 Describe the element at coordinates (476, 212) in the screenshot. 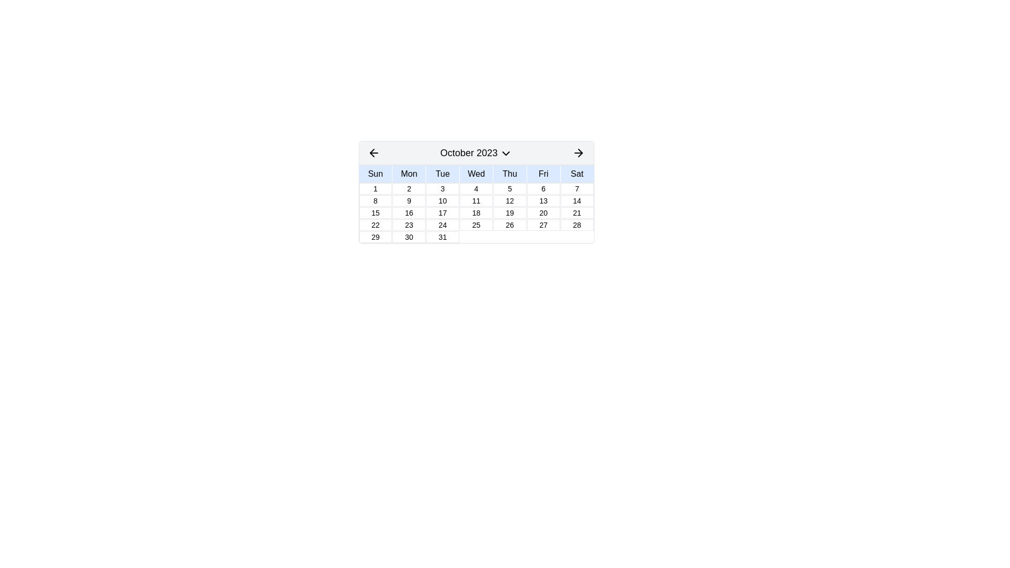

I see `the grid of calendar day cells` at that location.